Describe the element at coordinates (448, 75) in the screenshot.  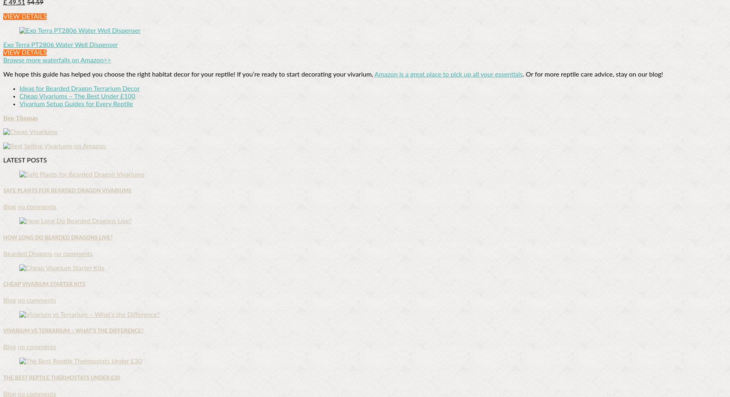
I see `'Amazon is a great place to pick up all your essentials'` at that location.